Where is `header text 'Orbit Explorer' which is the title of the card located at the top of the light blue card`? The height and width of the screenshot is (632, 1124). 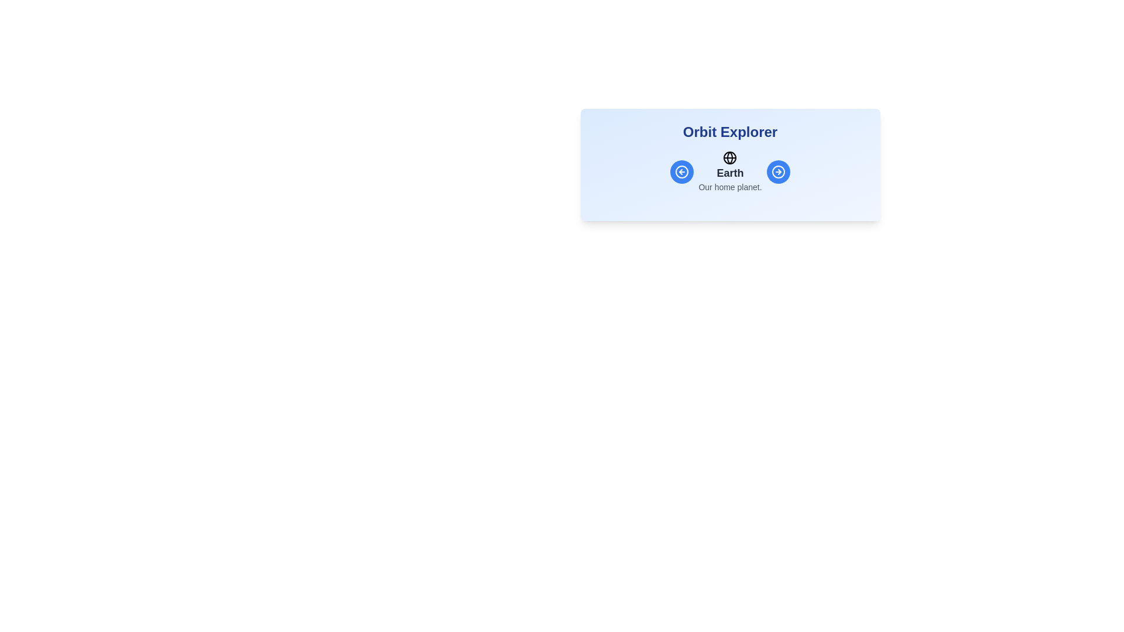
header text 'Orbit Explorer' which is the title of the card located at the top of the light blue card is located at coordinates (729, 132).